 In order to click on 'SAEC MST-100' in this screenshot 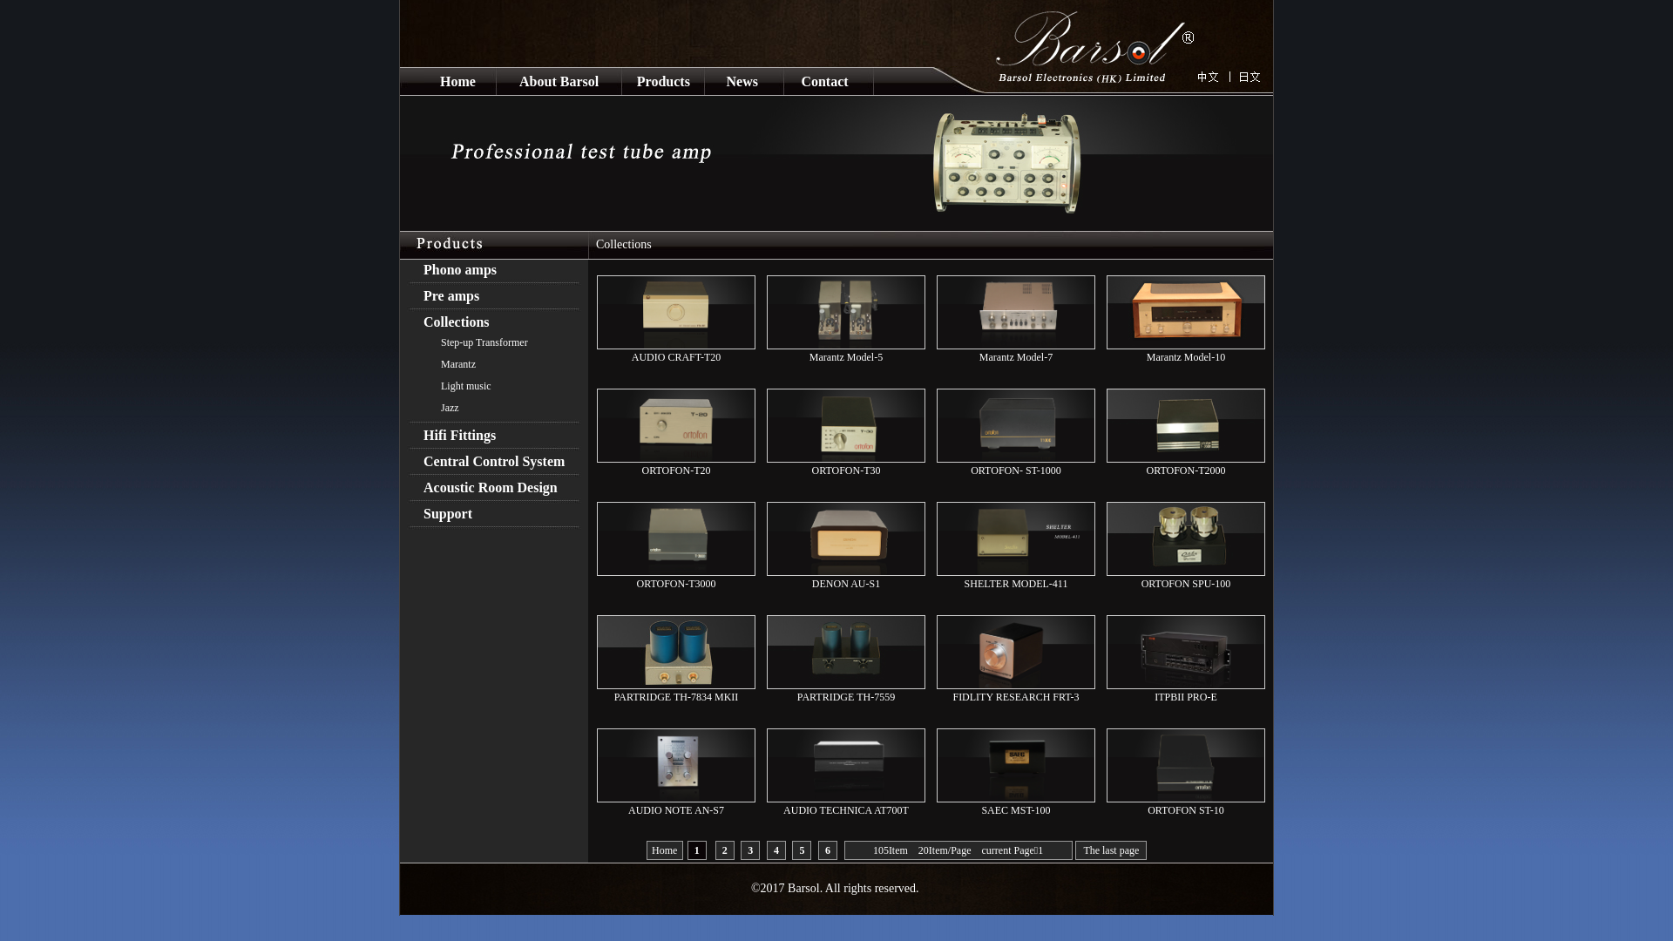, I will do `click(1015, 809)`.